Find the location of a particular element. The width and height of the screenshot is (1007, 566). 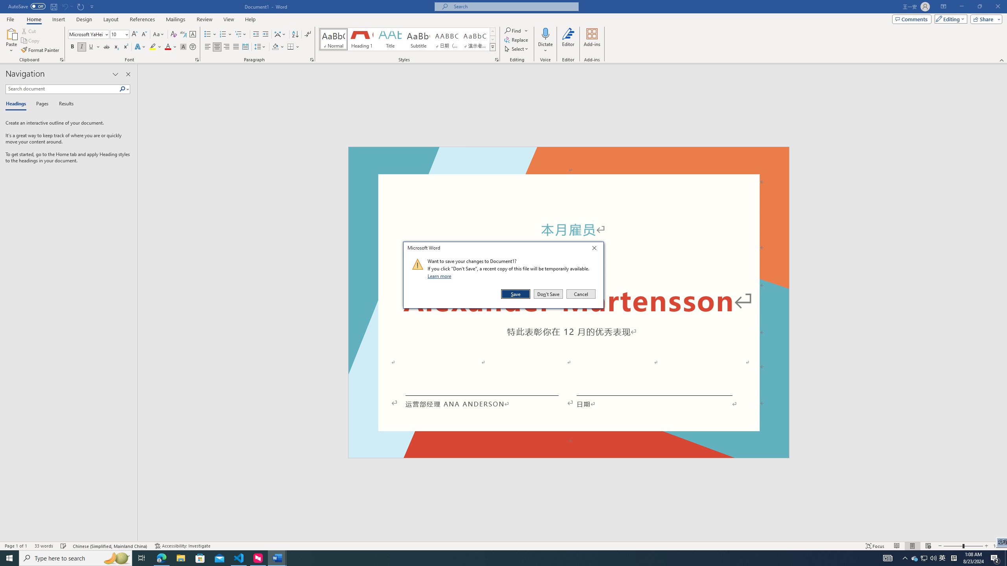

'Zoom' is located at coordinates (963, 546).